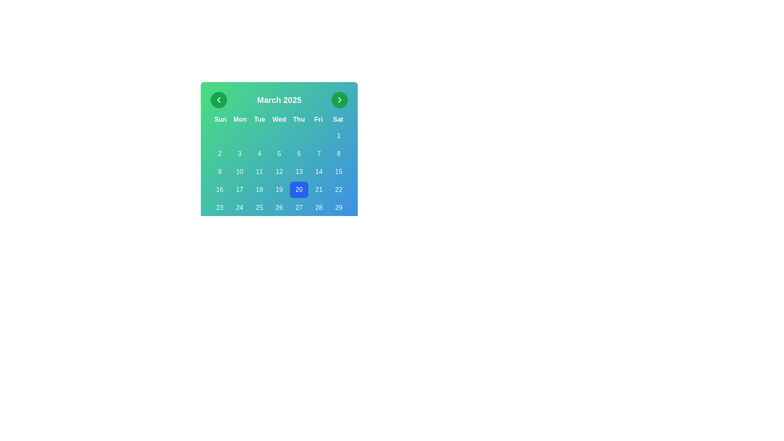 The image size is (784, 441). What do you see at coordinates (339, 100) in the screenshot?
I see `the chevron right icon located within the green circular button at the top-right corner of the calendar interface` at bounding box center [339, 100].